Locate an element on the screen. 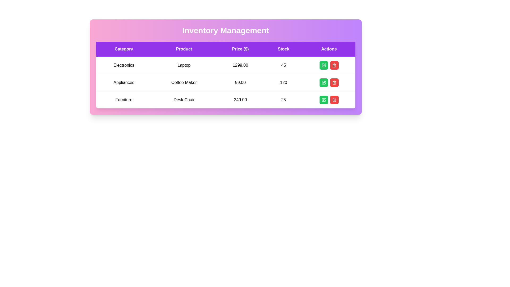 This screenshot has width=510, height=287. the text label displaying '25' in the 'Stock' column of the 'Desk Chair' row is located at coordinates (283, 100).